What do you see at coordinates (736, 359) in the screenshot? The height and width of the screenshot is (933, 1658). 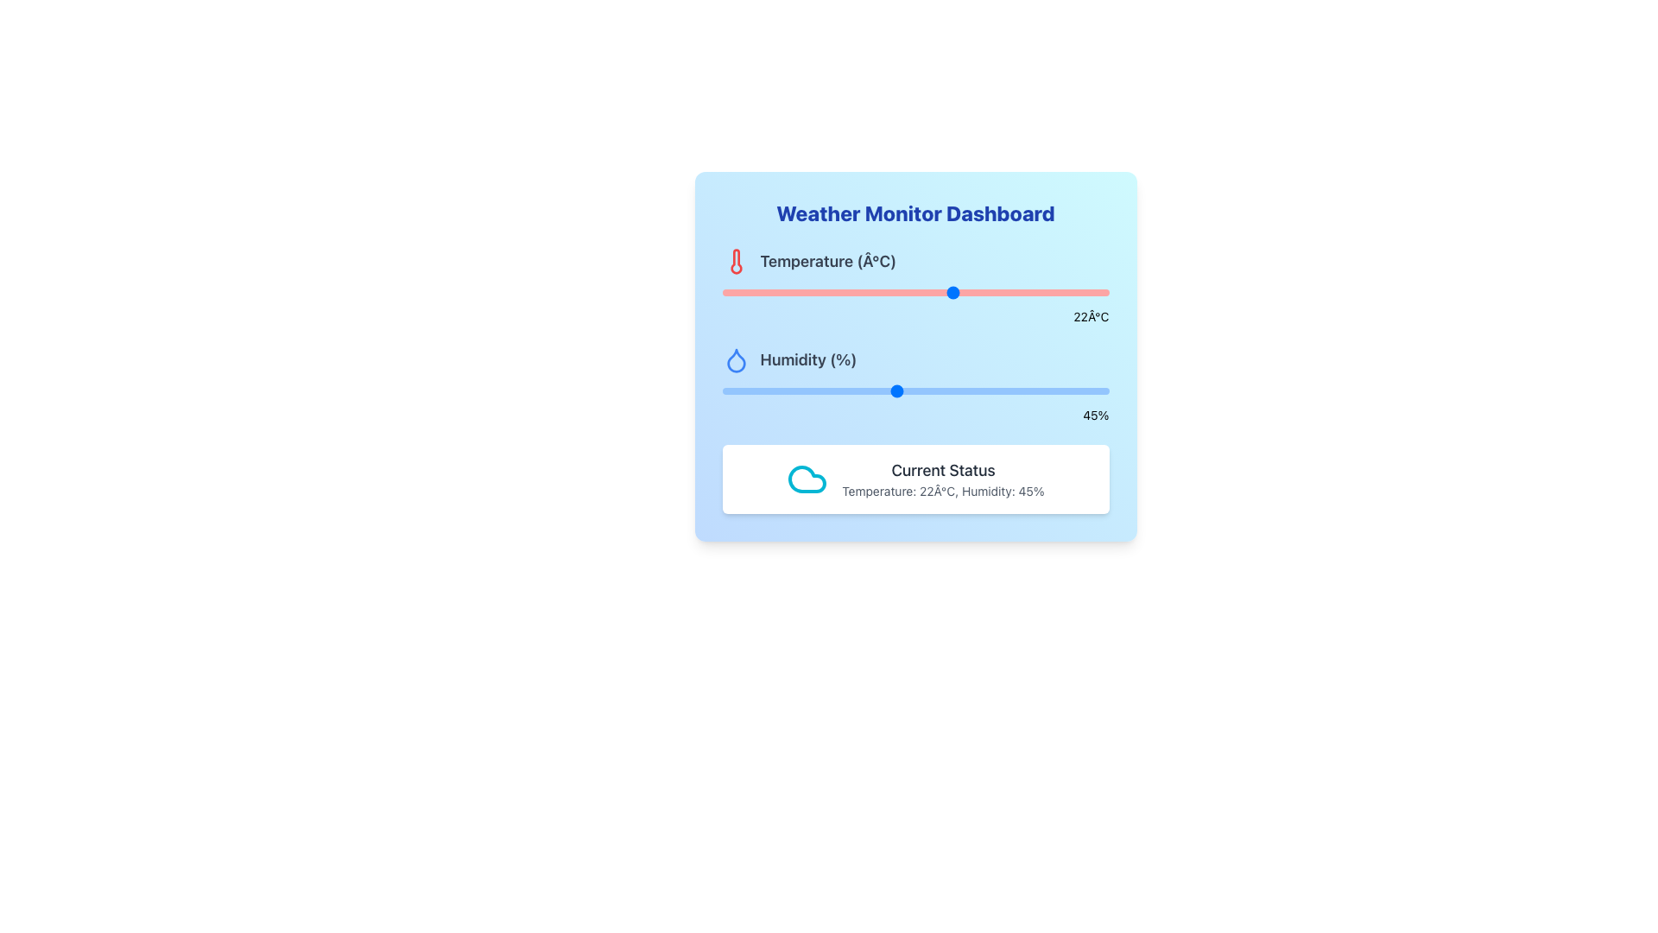 I see `the humidity icon located in the second row of the dashboard, adjacent to the label 'Humidity (%)'` at bounding box center [736, 359].